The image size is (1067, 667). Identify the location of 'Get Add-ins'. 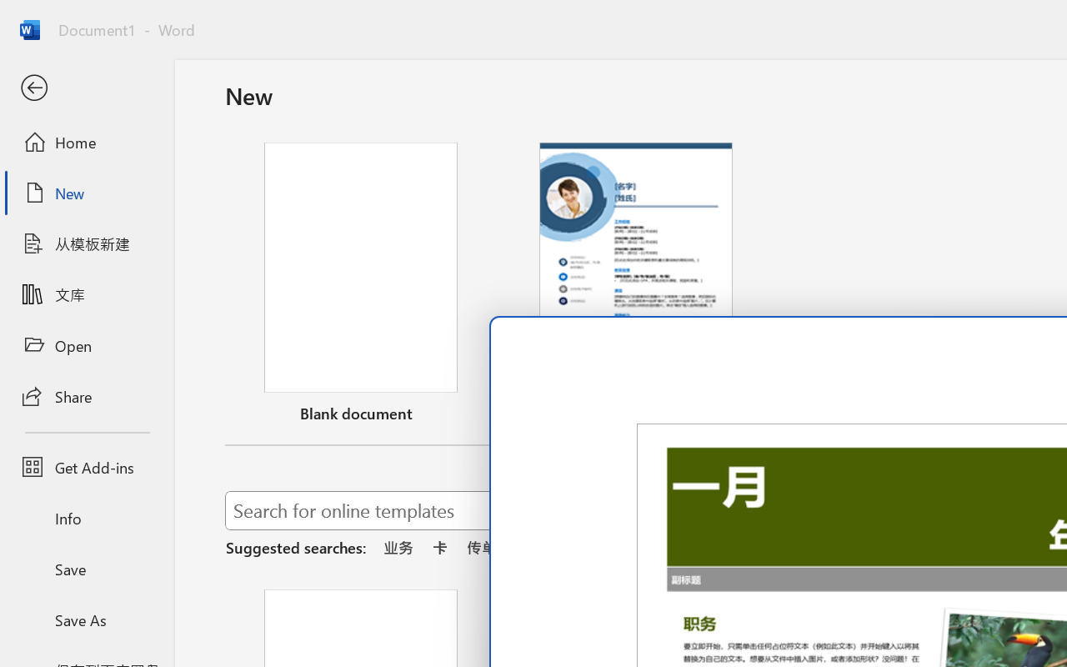
(86, 467).